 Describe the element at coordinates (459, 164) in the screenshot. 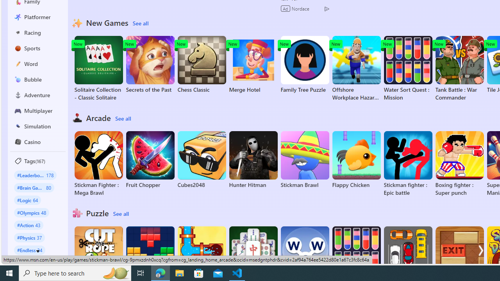

I see `'Boxing fighter : Super punch'` at that location.